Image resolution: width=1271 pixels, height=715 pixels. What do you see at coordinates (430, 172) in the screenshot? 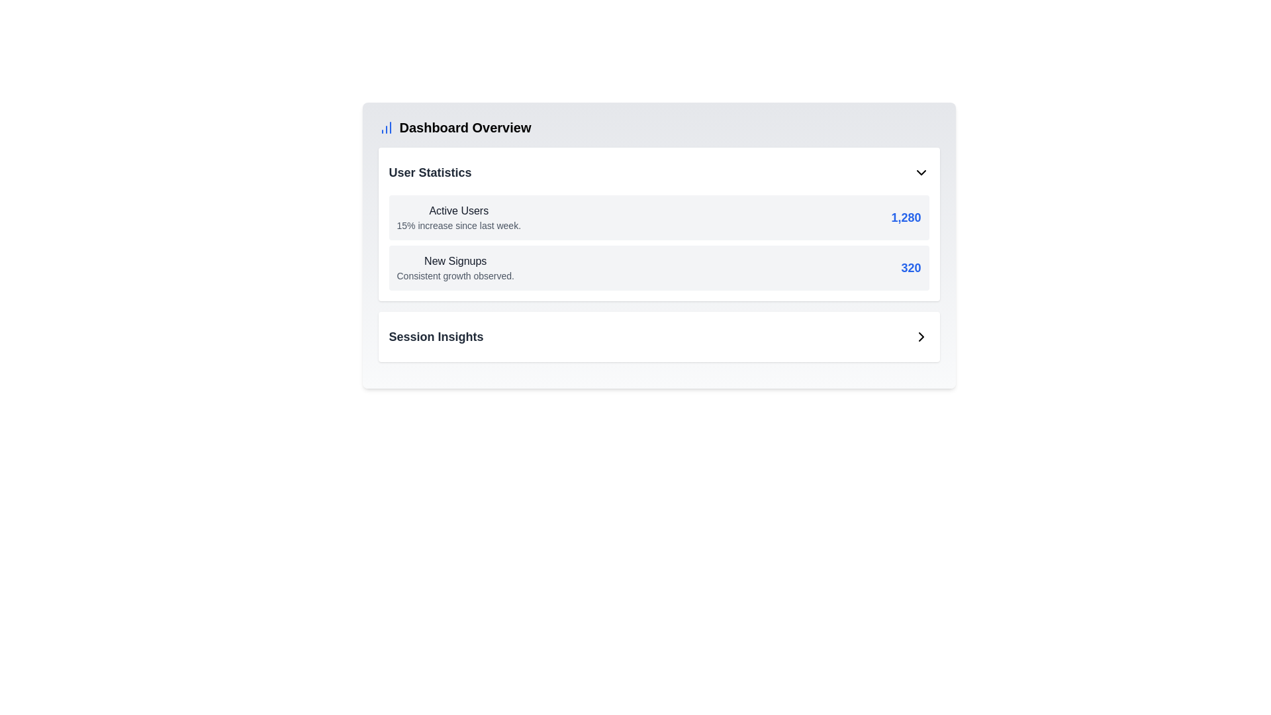
I see `the 'User Statistics' text label` at bounding box center [430, 172].